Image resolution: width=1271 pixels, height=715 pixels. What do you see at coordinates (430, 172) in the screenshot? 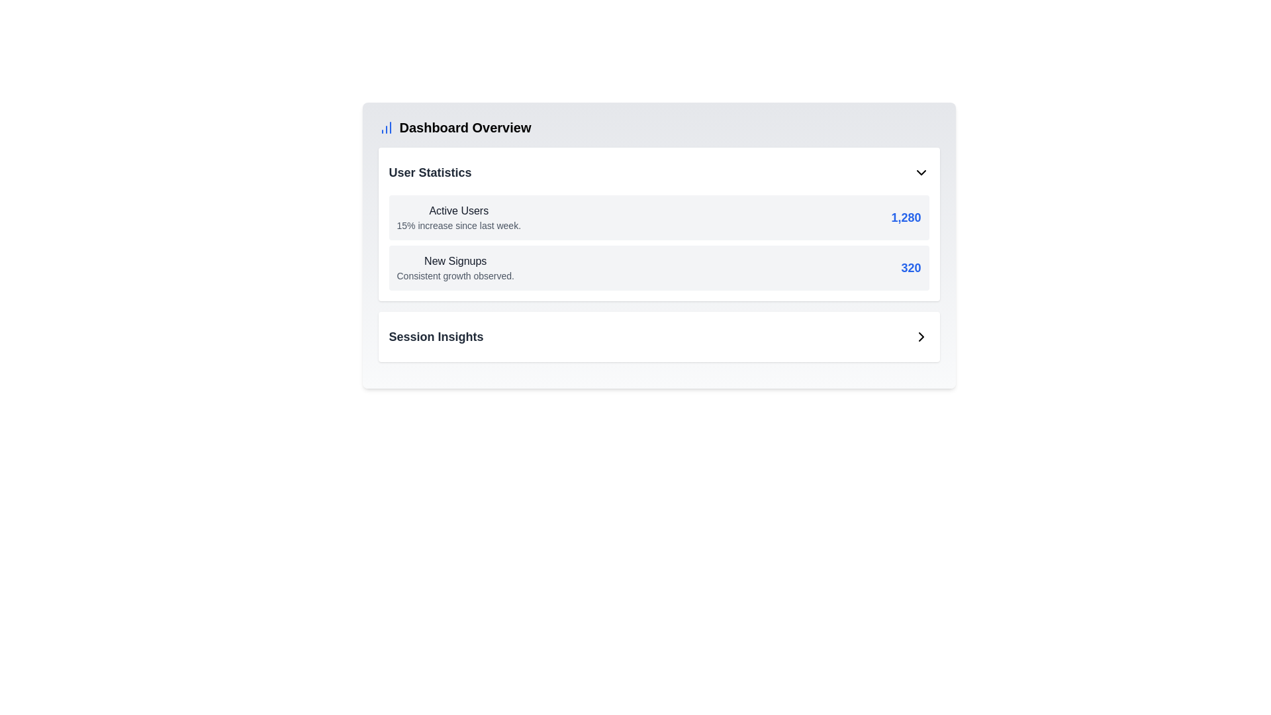
I see `the 'User Statistics' text label` at bounding box center [430, 172].